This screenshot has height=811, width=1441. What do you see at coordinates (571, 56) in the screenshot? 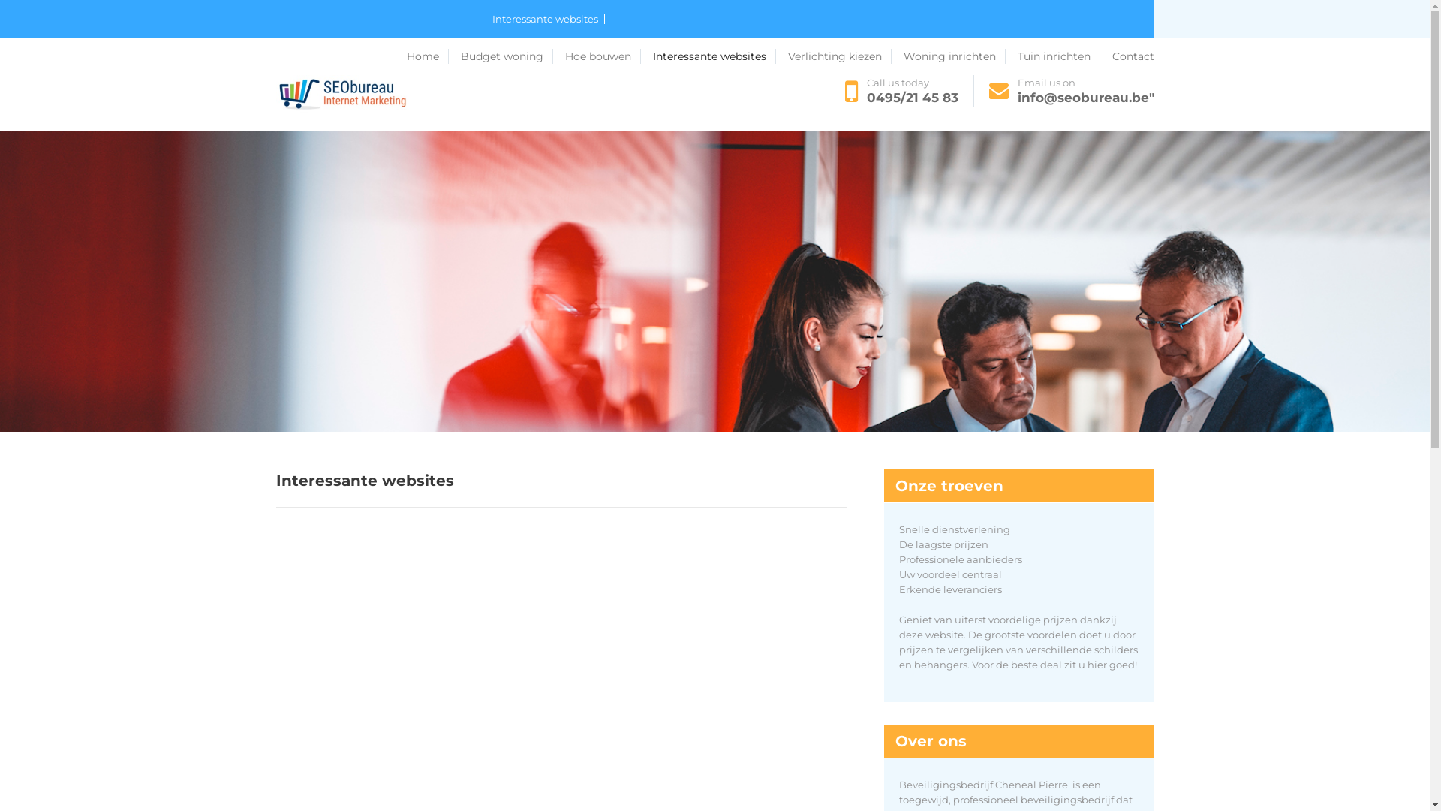
I see `'Installatie van laminaatvloeren'` at bounding box center [571, 56].